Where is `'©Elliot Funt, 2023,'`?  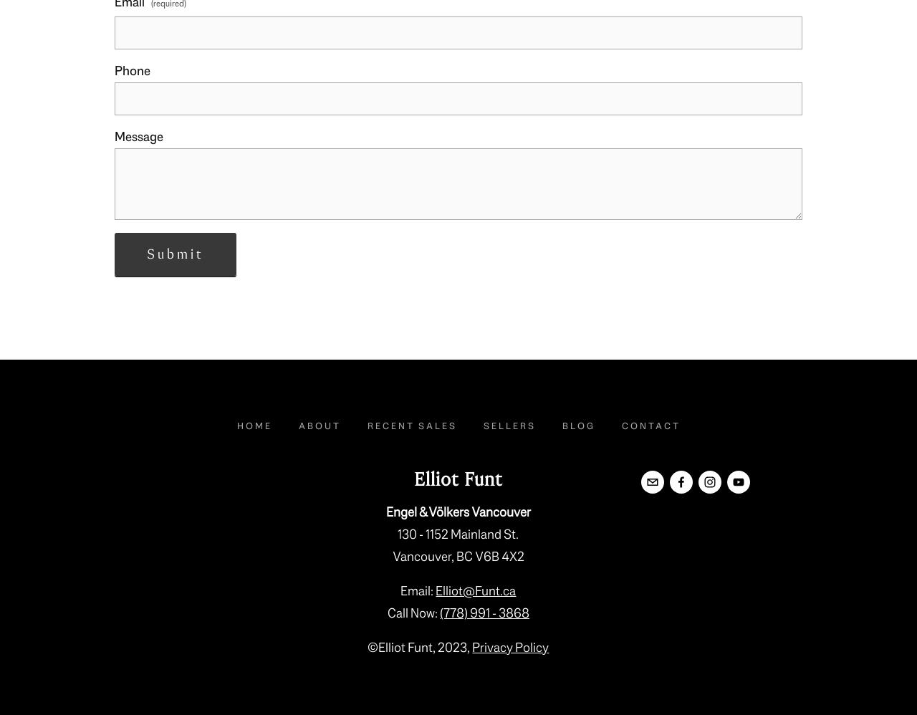
'©Elliot Funt, 2023,' is located at coordinates (418, 647).